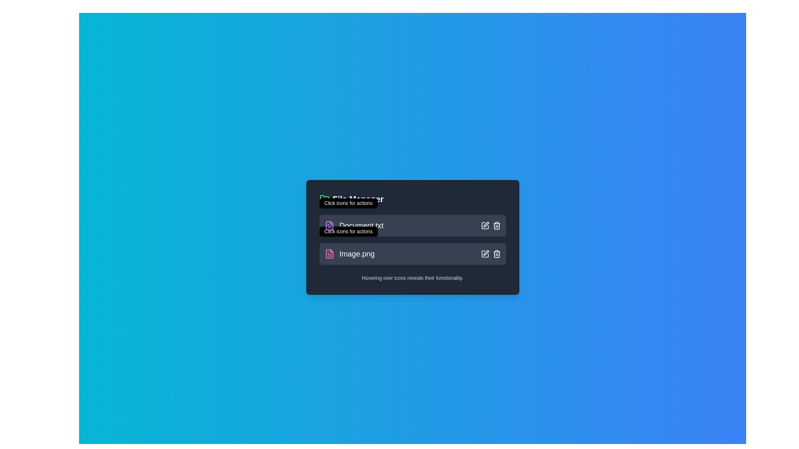 This screenshot has height=449, width=799. I want to click on the pencil icon located at the top right area of the card listing 'Image.png', so click(486, 224).